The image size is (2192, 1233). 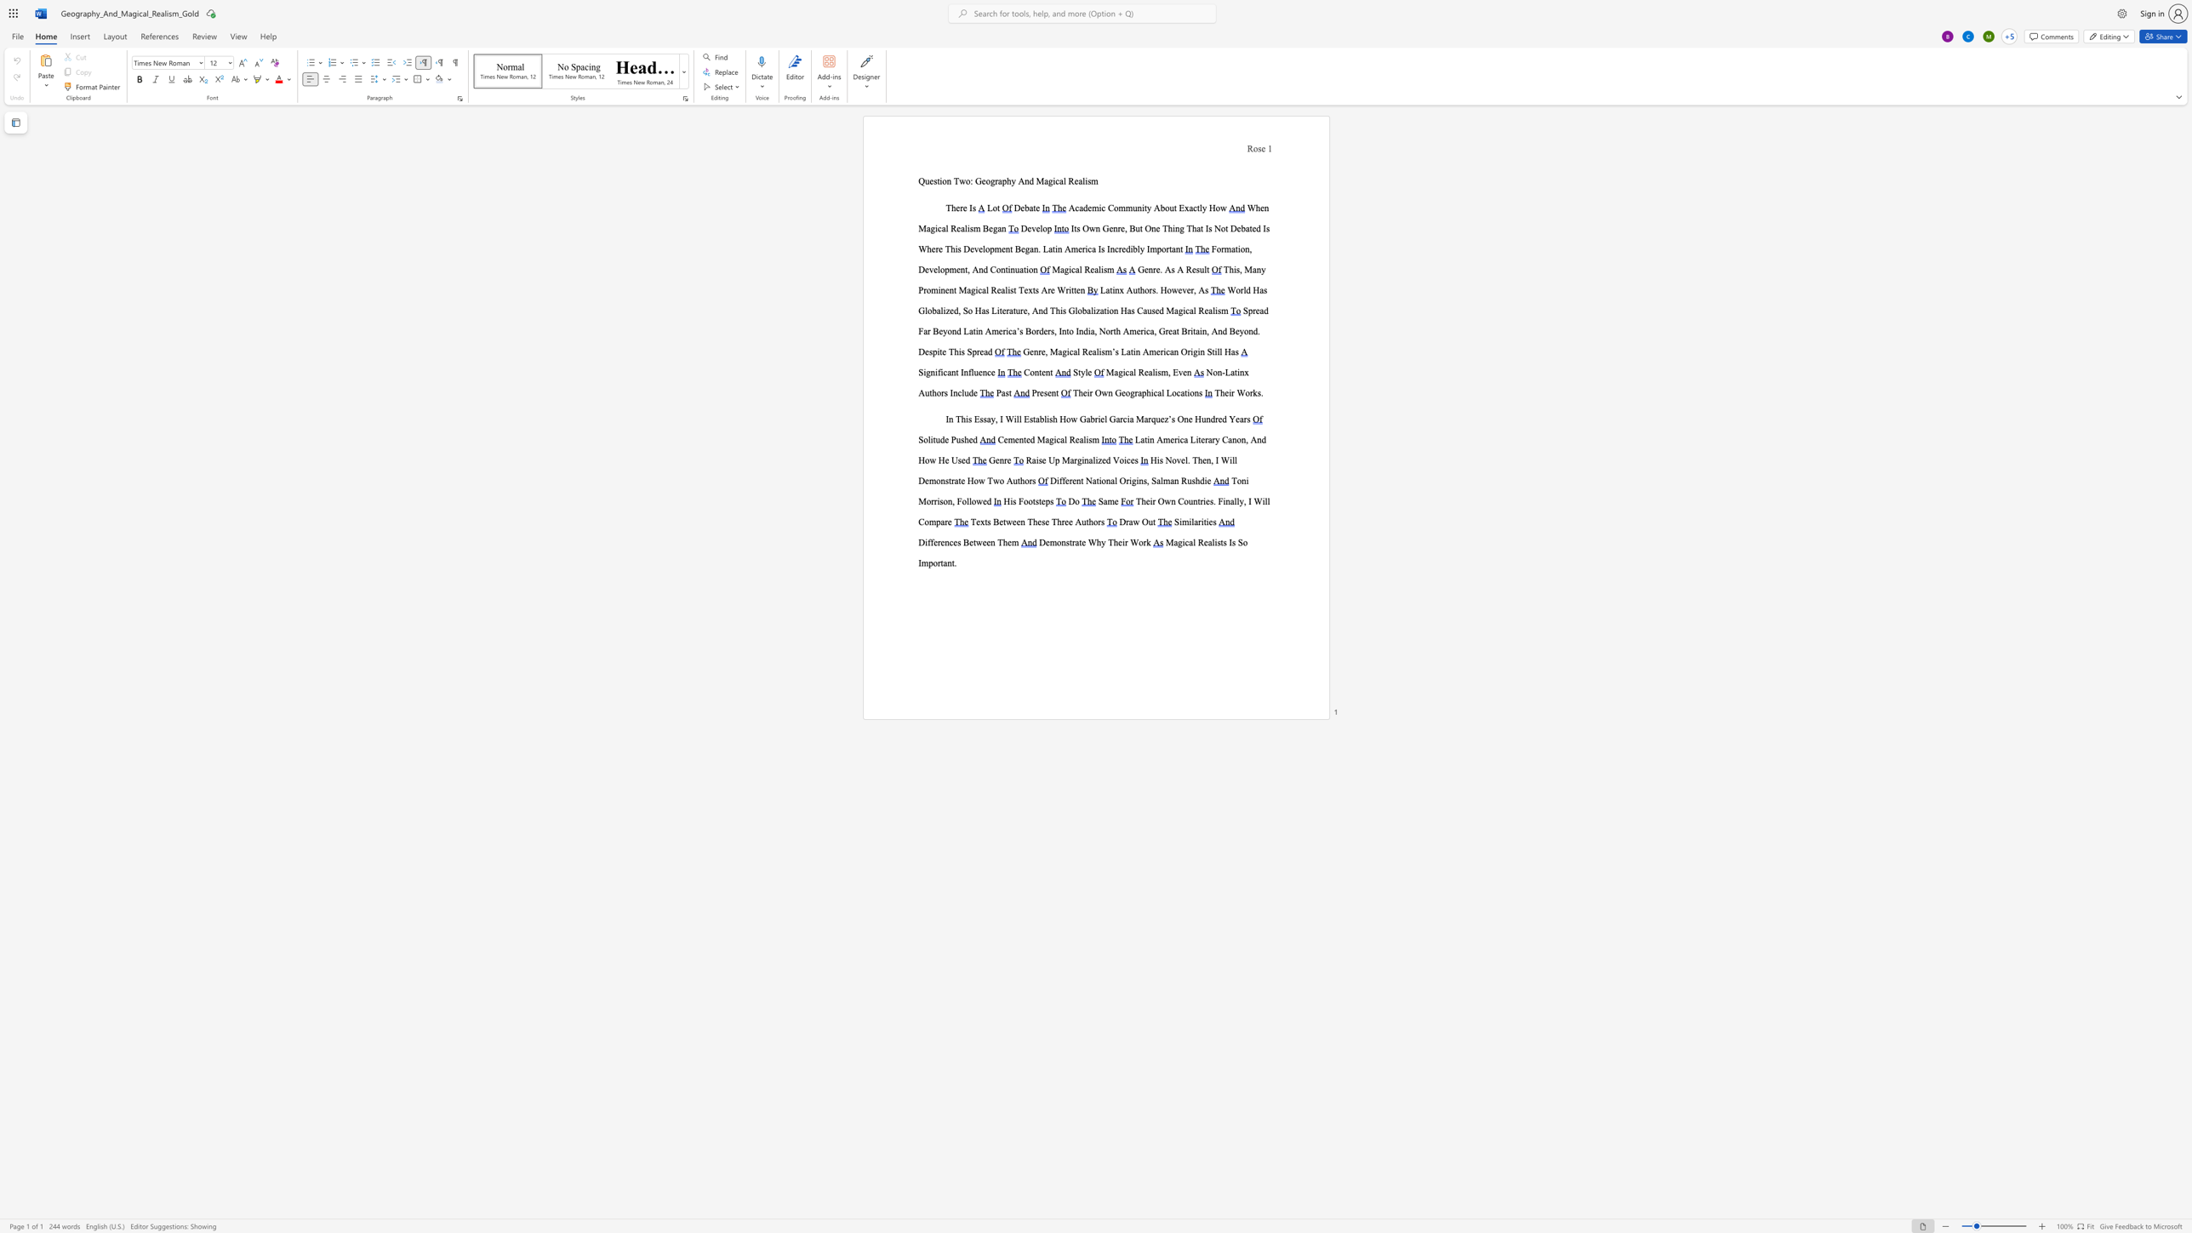 What do you see at coordinates (1013, 181) in the screenshot?
I see `the 1th character "y" in the text` at bounding box center [1013, 181].